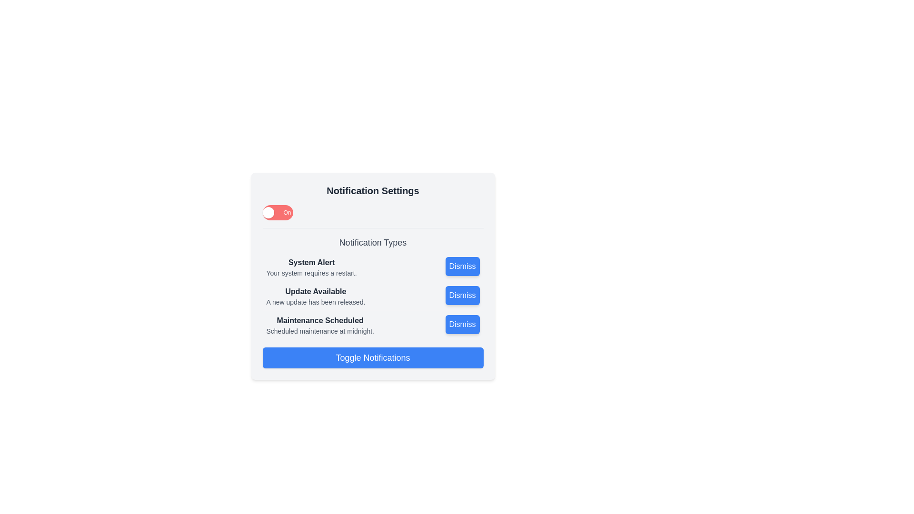 This screenshot has width=914, height=514. I want to click on the third notification card in the 'Notification Types' section that informs about scheduled maintenance, positioned below the 'Update Available' notification card, so click(372, 325).